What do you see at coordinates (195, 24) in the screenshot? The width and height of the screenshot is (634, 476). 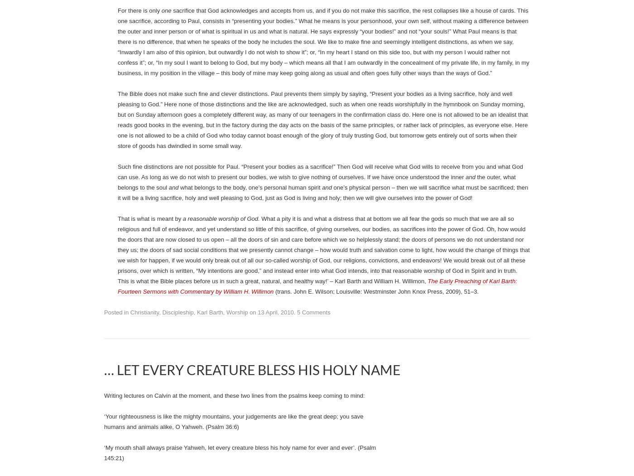 I see `'Worship'` at bounding box center [195, 24].